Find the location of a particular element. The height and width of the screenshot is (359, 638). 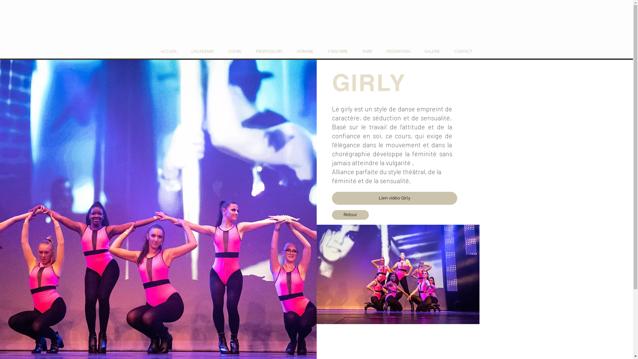

'COURS' is located at coordinates (235, 51).